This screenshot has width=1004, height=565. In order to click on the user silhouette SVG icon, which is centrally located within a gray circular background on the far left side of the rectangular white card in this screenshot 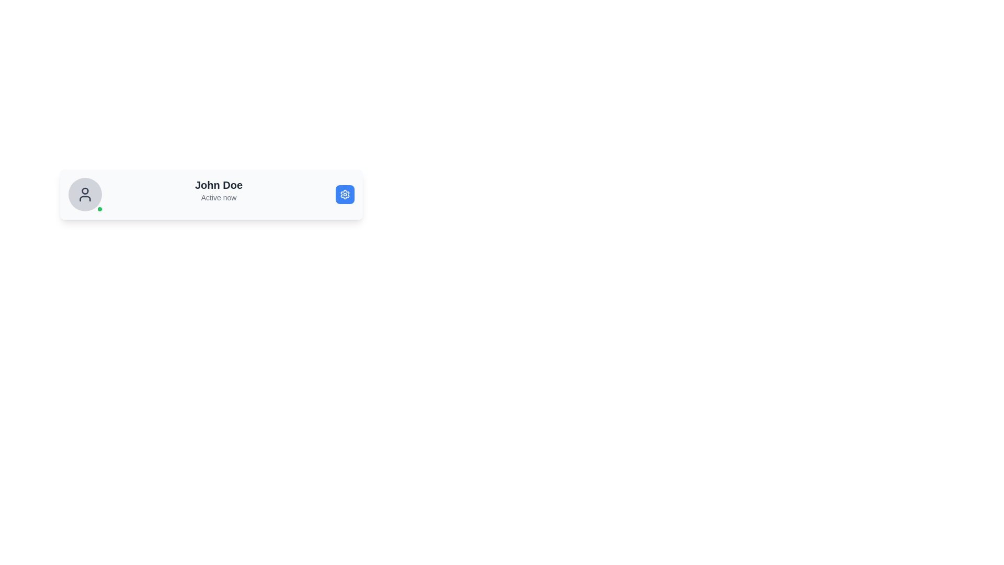, I will do `click(85, 194)`.